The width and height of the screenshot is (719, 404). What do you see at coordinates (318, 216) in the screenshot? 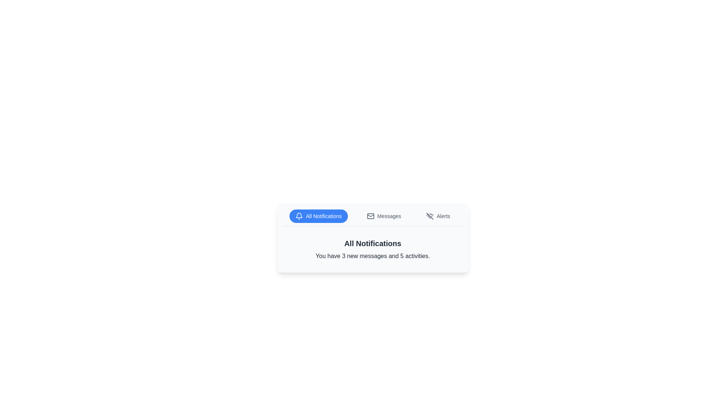
I see `the blue 'All Notifications' button, which has a bell icon and white text` at bounding box center [318, 216].